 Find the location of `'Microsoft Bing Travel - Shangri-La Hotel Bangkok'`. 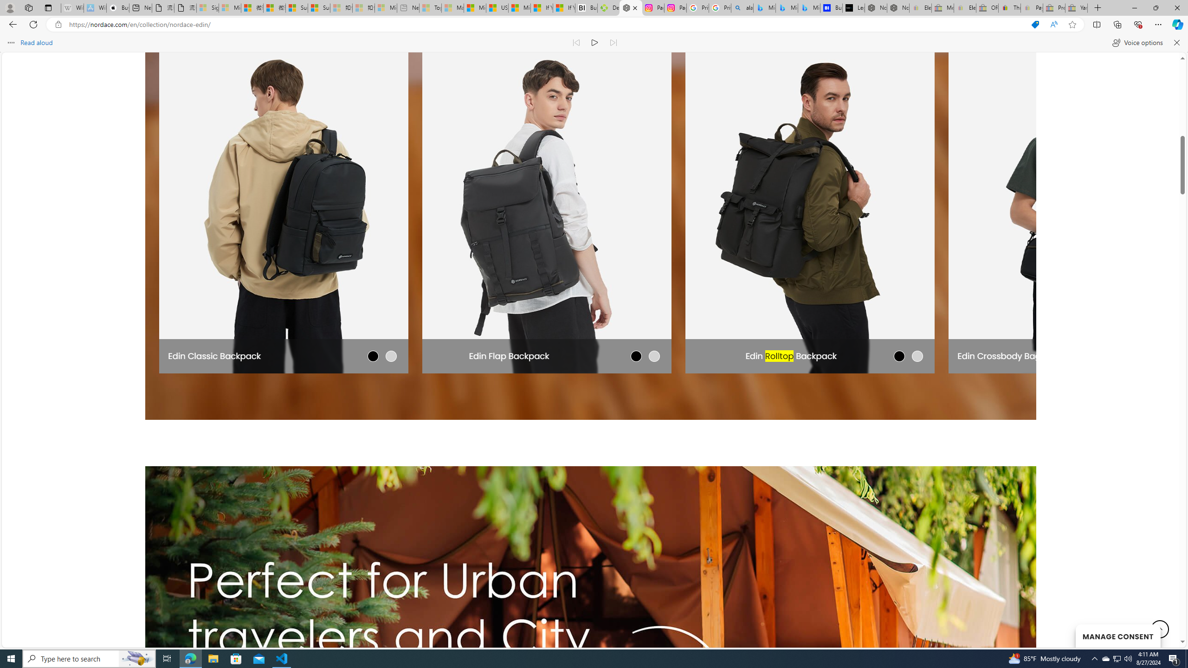

'Microsoft Bing Travel - Shangri-La Hotel Bangkok' is located at coordinates (808, 7).